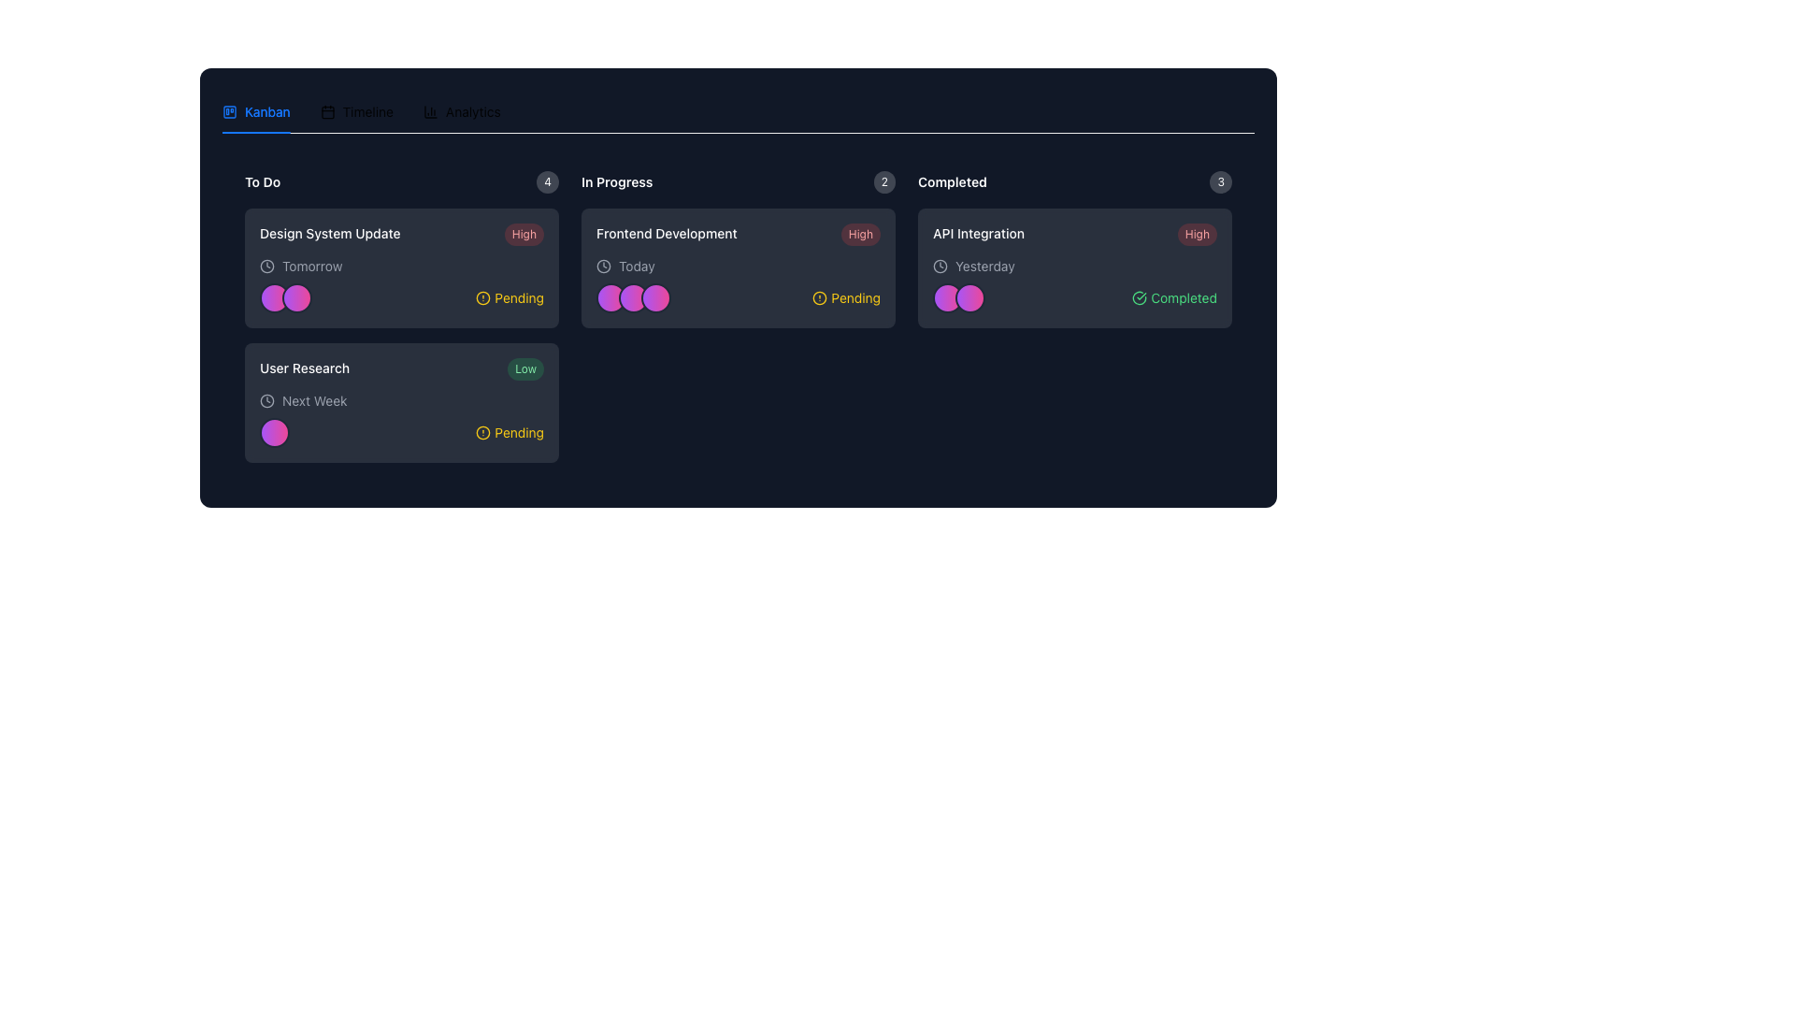 This screenshot has height=1010, width=1795. What do you see at coordinates (820, 297) in the screenshot?
I see `the status indicator icon located in the 'In Progress' column of the 'Frontend Development' card, which shows 'Pending'` at bounding box center [820, 297].